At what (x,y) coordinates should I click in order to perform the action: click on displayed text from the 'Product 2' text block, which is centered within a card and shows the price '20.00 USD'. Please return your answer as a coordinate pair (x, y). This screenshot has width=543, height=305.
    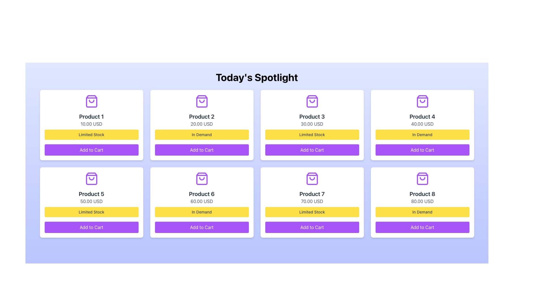
    Looking at the image, I should click on (202, 119).